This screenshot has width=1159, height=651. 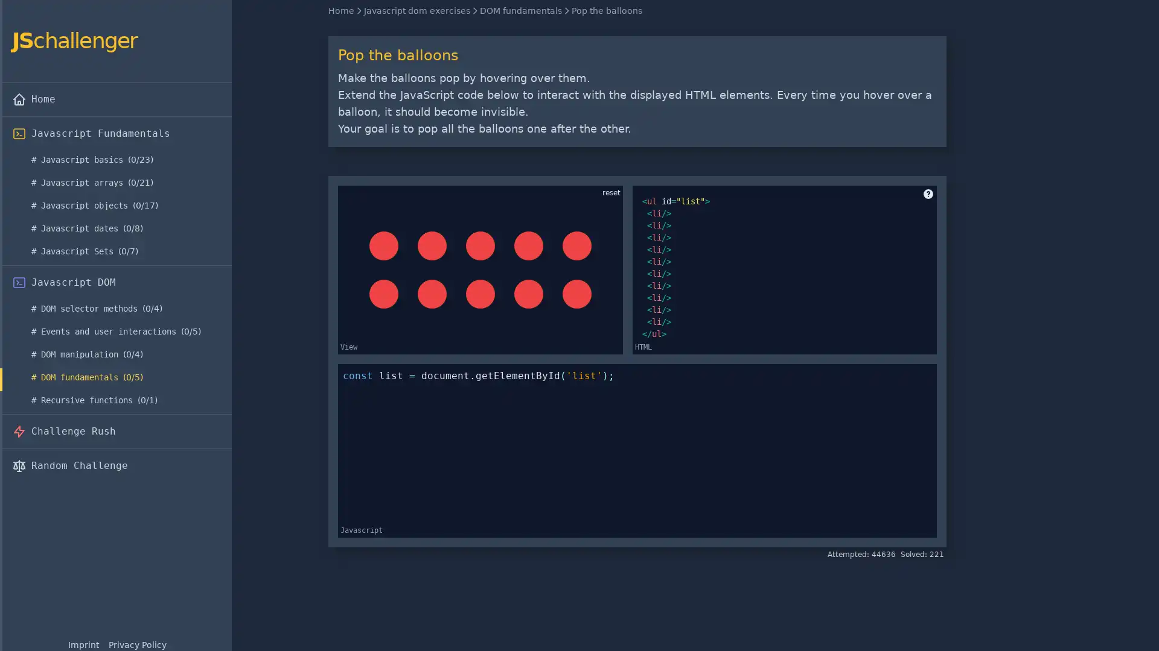 What do you see at coordinates (611, 192) in the screenshot?
I see `reset` at bounding box center [611, 192].